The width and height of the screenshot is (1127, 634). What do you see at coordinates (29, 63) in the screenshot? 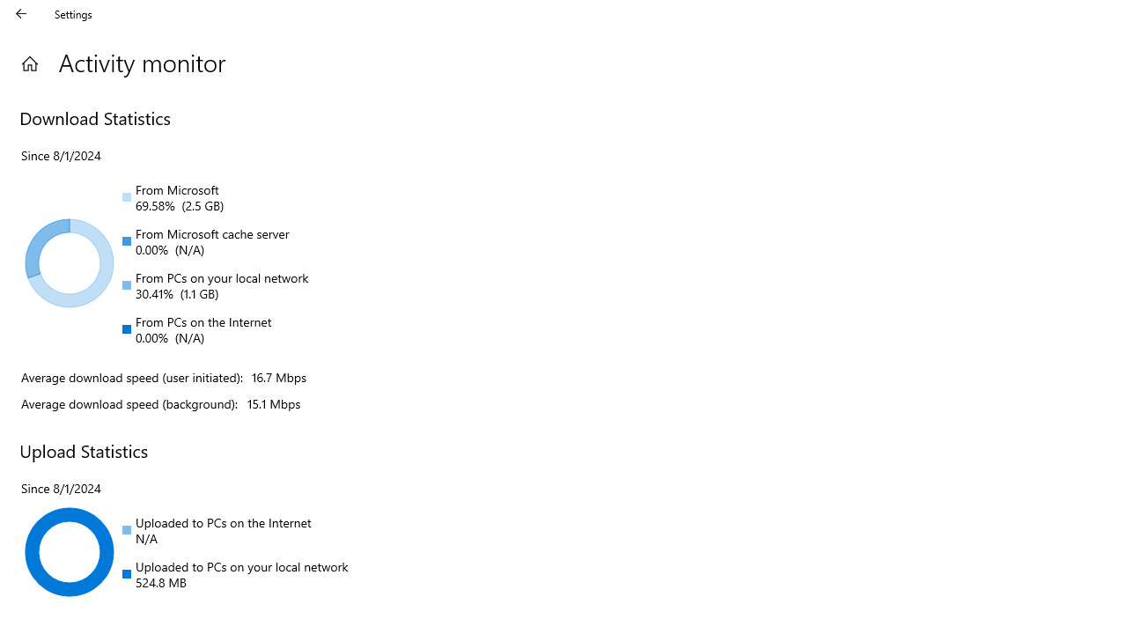
I see `'Home'` at bounding box center [29, 63].